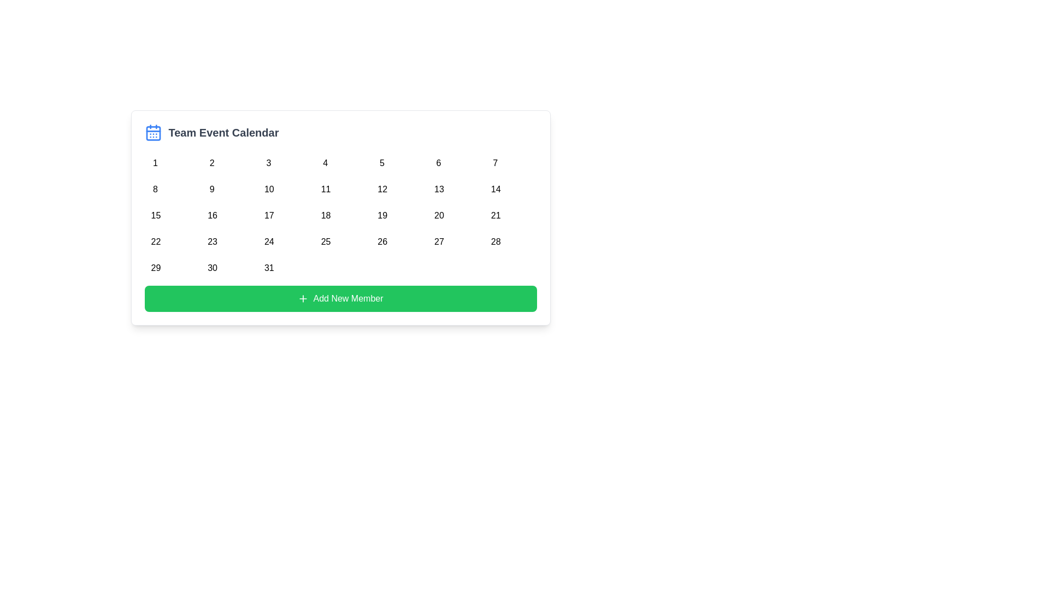  I want to click on the button representing the 25th day in the Team Event Calendar, so click(325, 239).